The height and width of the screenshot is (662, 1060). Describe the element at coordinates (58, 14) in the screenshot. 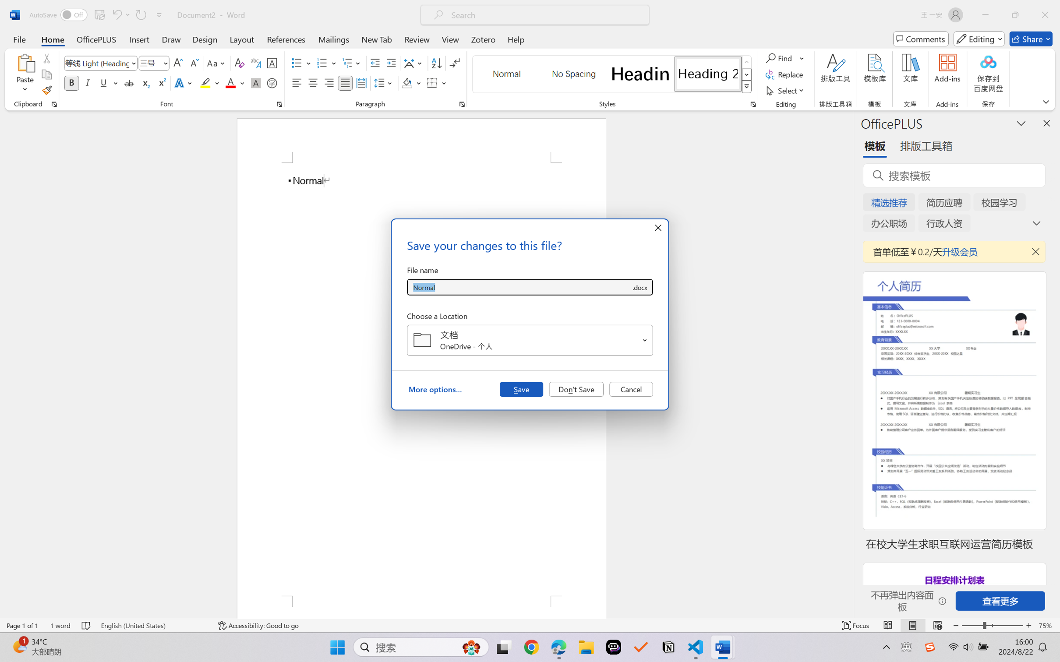

I see `'AutoSave'` at that location.